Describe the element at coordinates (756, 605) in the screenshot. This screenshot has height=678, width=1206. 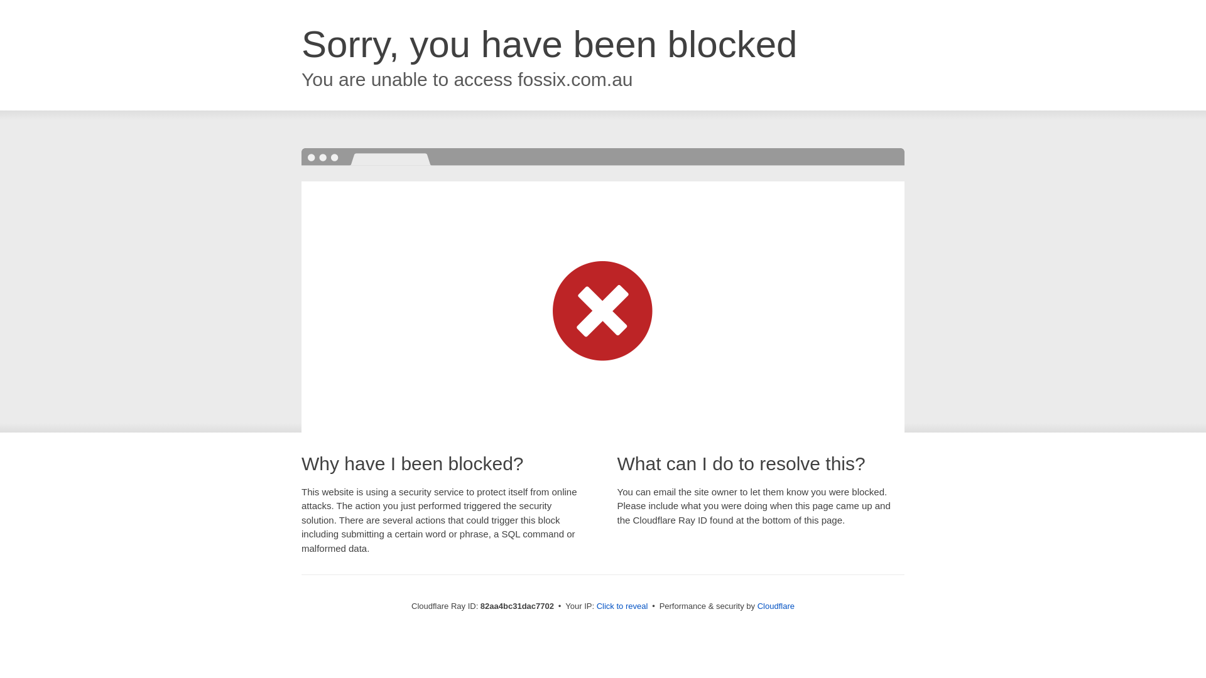
I see `'Cloudflare'` at that location.